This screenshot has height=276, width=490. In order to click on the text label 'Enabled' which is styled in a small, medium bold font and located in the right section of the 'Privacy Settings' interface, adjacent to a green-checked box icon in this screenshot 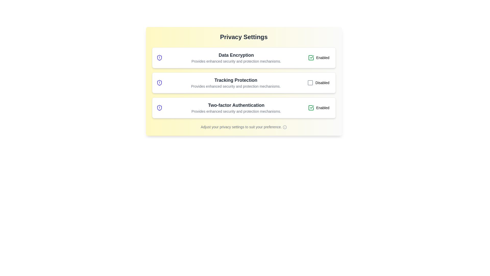, I will do `click(322, 57)`.